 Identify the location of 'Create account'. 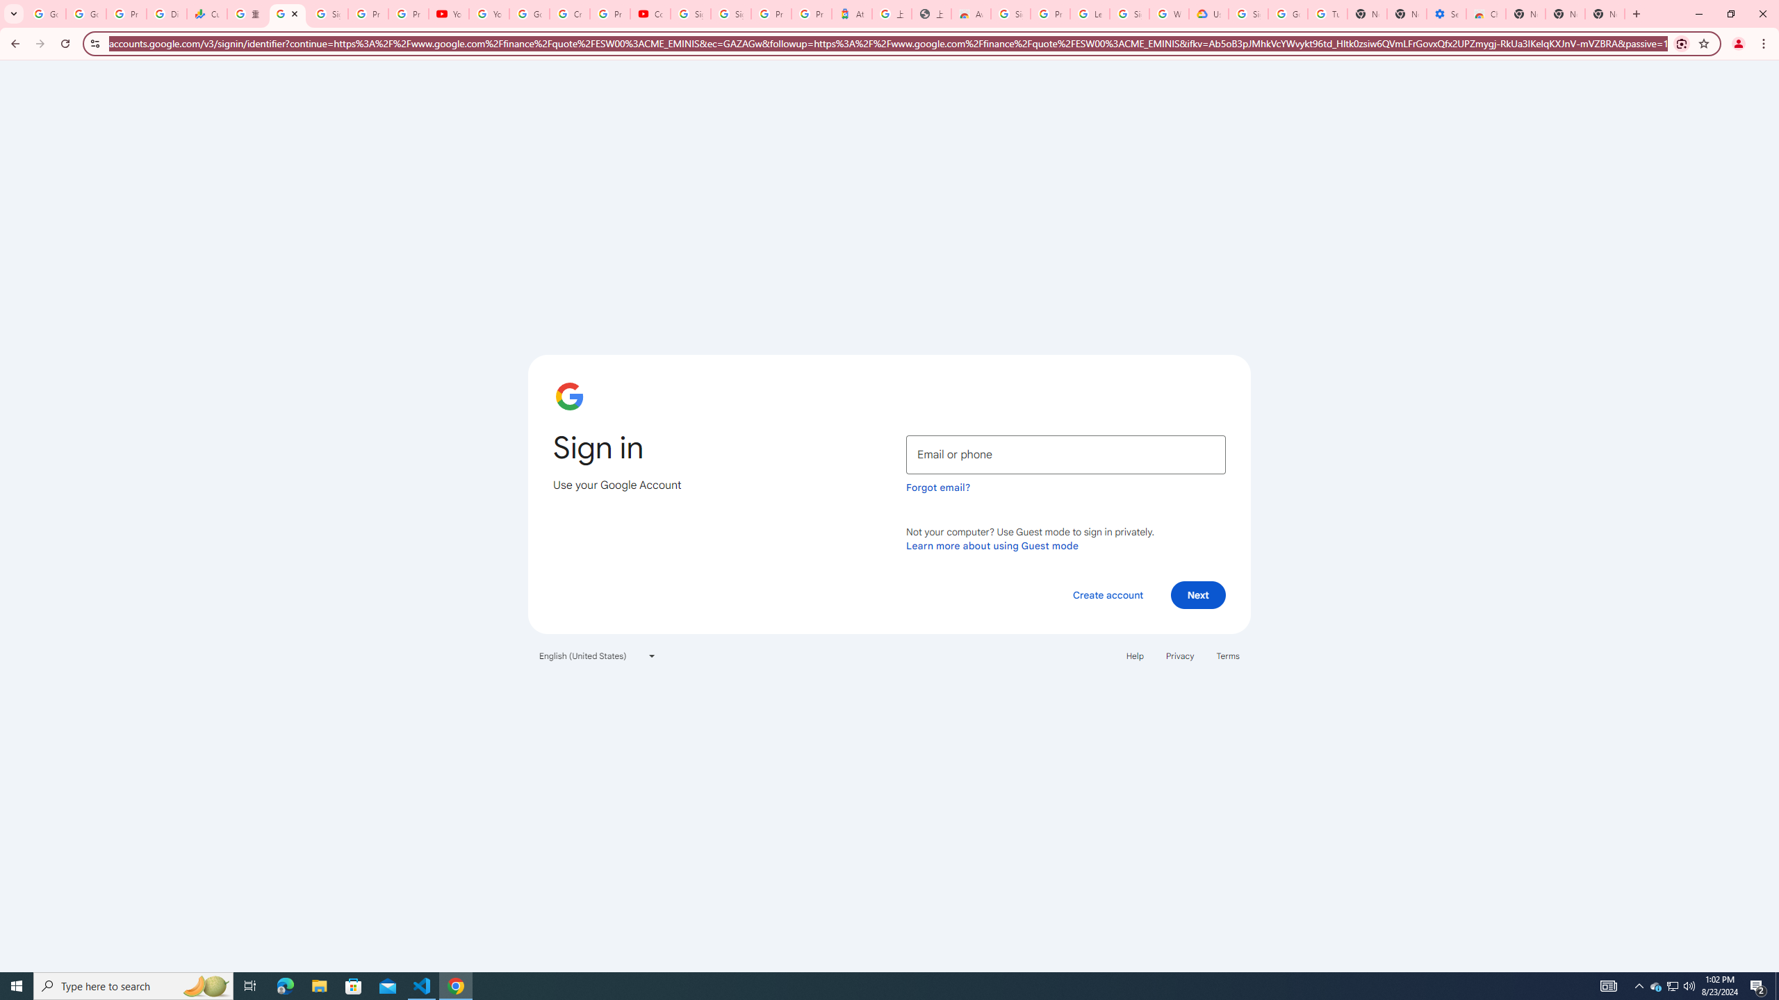
(1107, 594).